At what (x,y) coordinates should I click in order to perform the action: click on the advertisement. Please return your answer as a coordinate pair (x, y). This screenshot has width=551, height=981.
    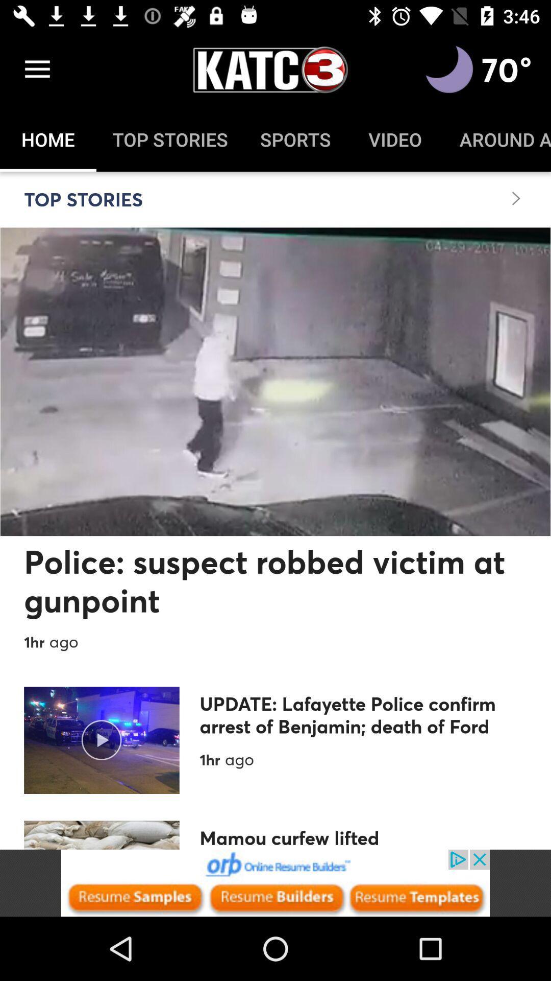
    Looking at the image, I should click on (275, 882).